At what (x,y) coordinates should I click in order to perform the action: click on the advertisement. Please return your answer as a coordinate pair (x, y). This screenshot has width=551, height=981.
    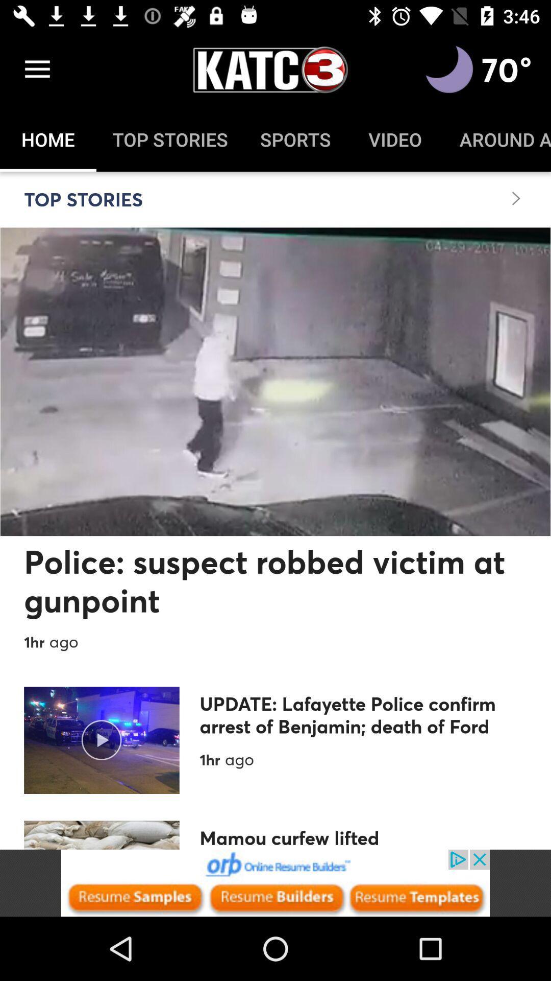
    Looking at the image, I should click on (275, 882).